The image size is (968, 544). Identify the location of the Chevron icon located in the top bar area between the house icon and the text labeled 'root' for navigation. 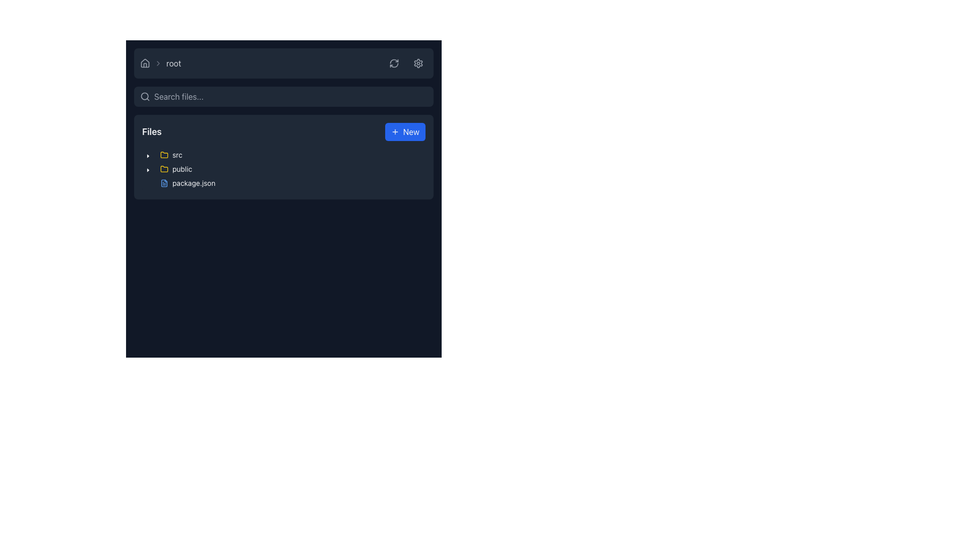
(157, 63).